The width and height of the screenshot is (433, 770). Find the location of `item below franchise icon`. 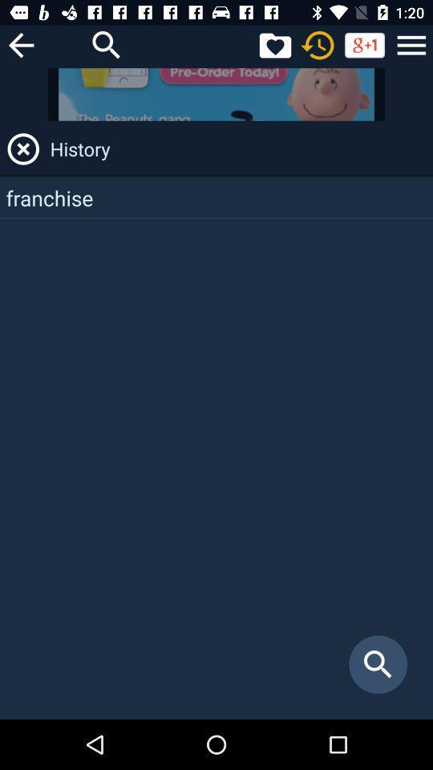

item below franchise icon is located at coordinates (378, 664).